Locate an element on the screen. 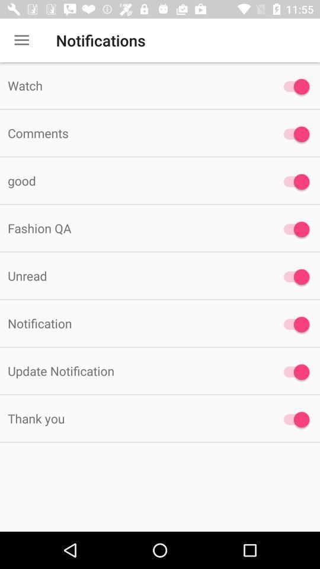  fashion qa notifications is located at coordinates (293, 229).